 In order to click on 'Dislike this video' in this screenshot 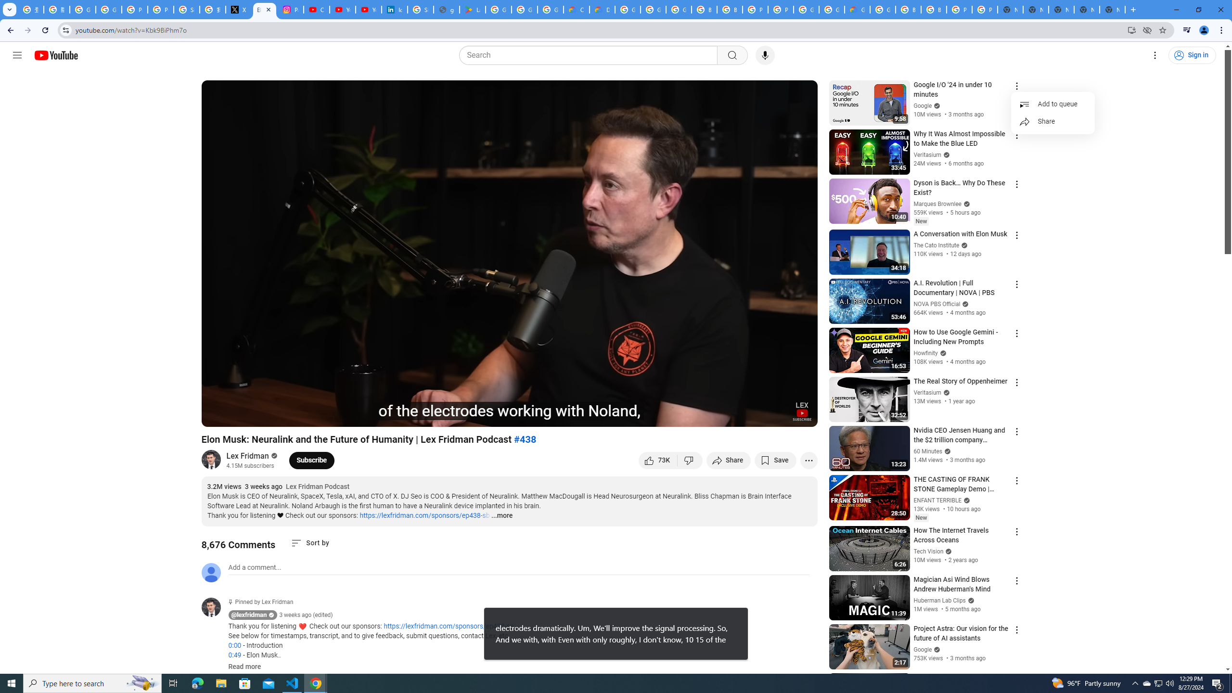, I will do `click(690, 460)`.